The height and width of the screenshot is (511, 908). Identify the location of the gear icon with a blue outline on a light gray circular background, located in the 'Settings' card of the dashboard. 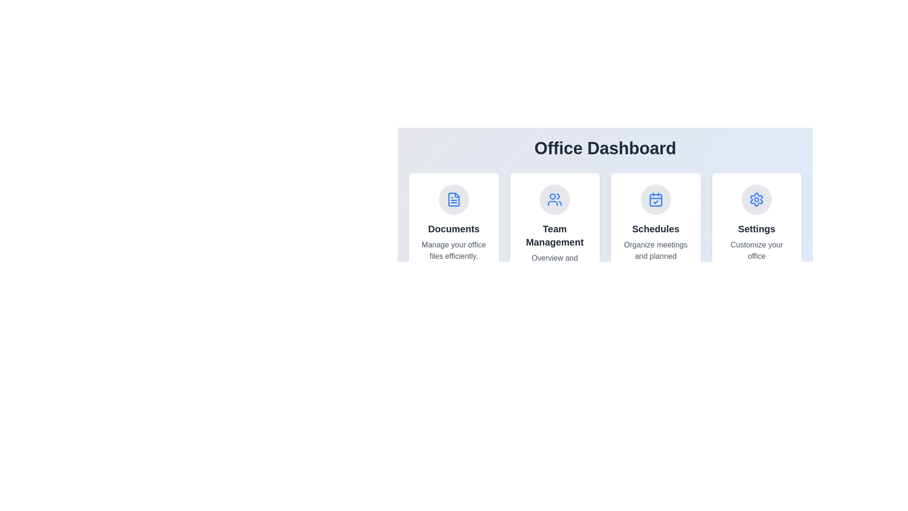
(757, 199).